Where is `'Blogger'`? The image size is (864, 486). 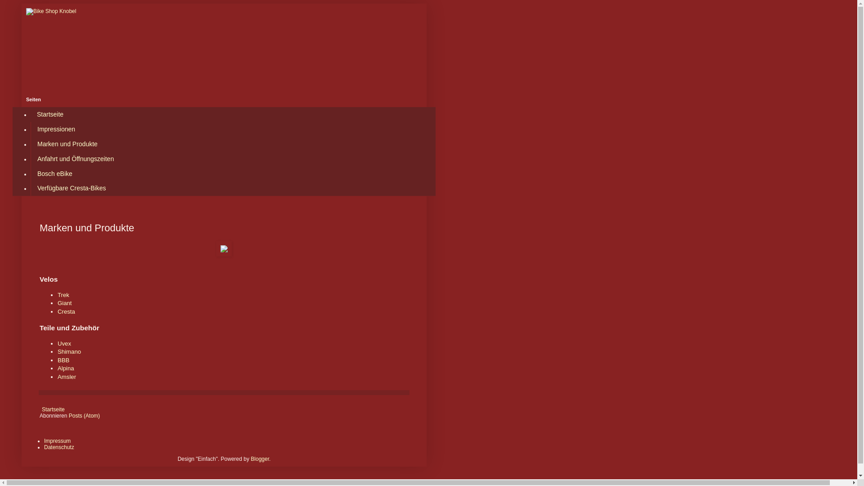 'Blogger' is located at coordinates (259, 459).